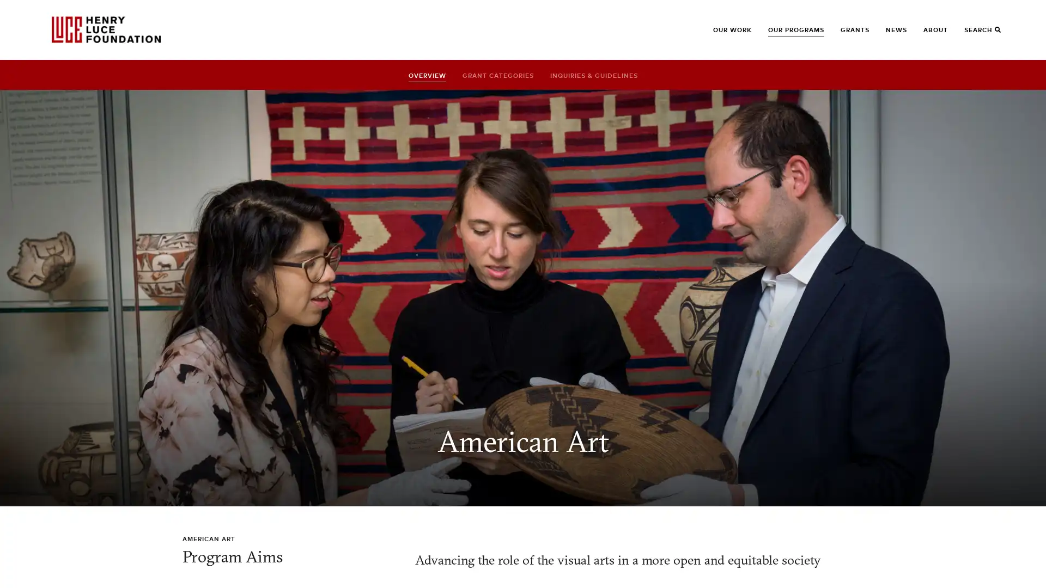 The height and width of the screenshot is (588, 1046). I want to click on SHOW SUBMENU FOR NEWS, so click(903, 34).